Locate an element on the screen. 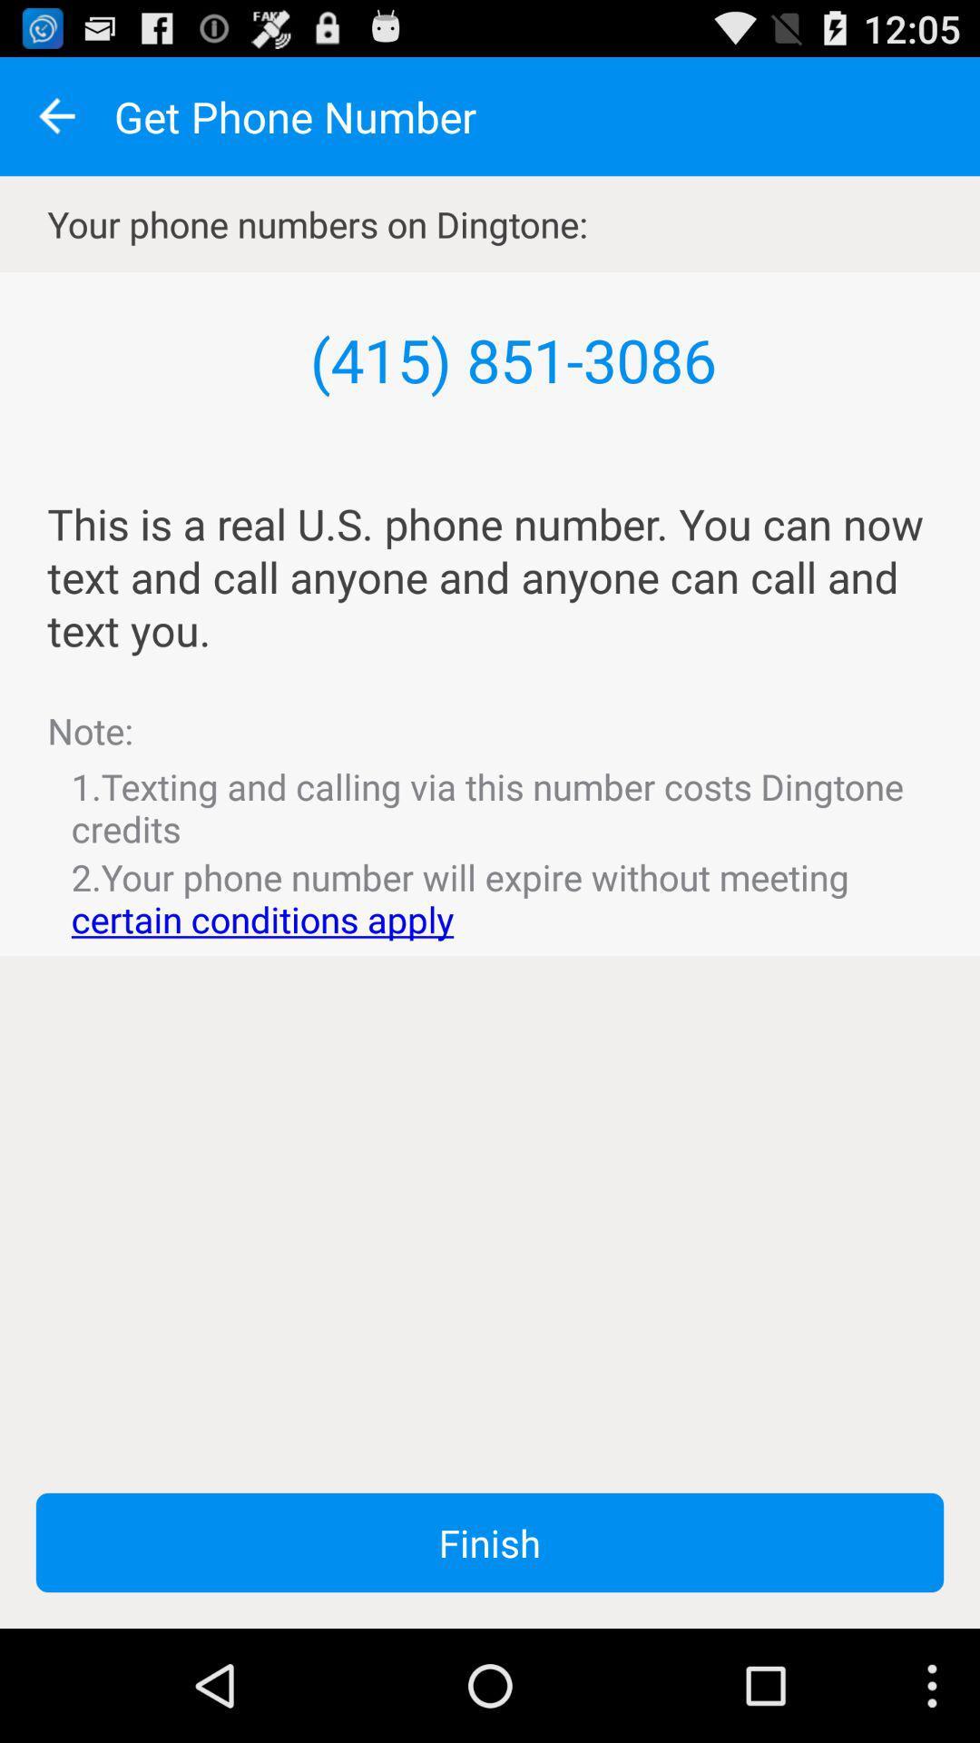 The height and width of the screenshot is (1743, 980). the button at the bottom is located at coordinates (490, 1541).